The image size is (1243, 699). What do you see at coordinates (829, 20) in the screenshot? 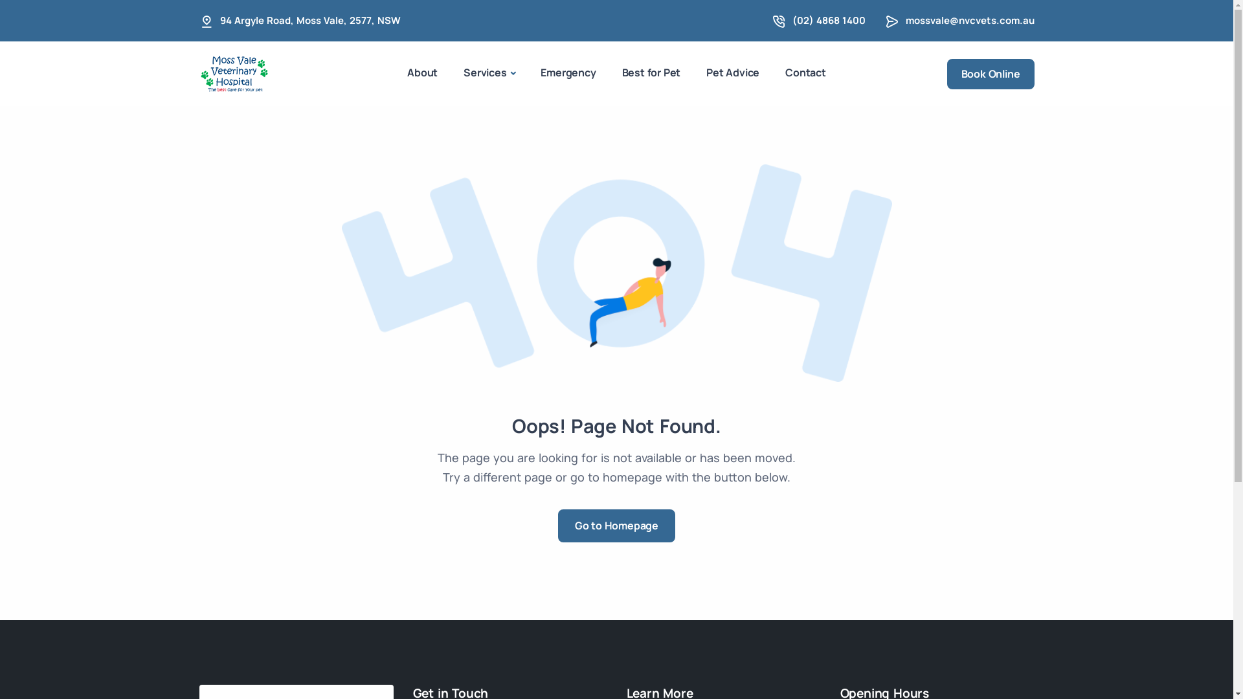
I see `'(02) 4868 1400'` at bounding box center [829, 20].